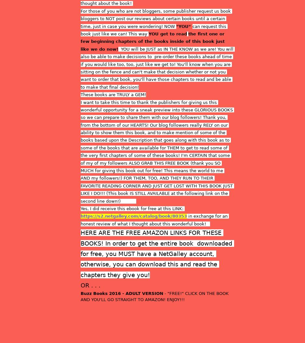  What do you see at coordinates (133, 208) in the screenshot?
I see `'Yes, I did receive this ebook for free at this LINK:'` at bounding box center [133, 208].